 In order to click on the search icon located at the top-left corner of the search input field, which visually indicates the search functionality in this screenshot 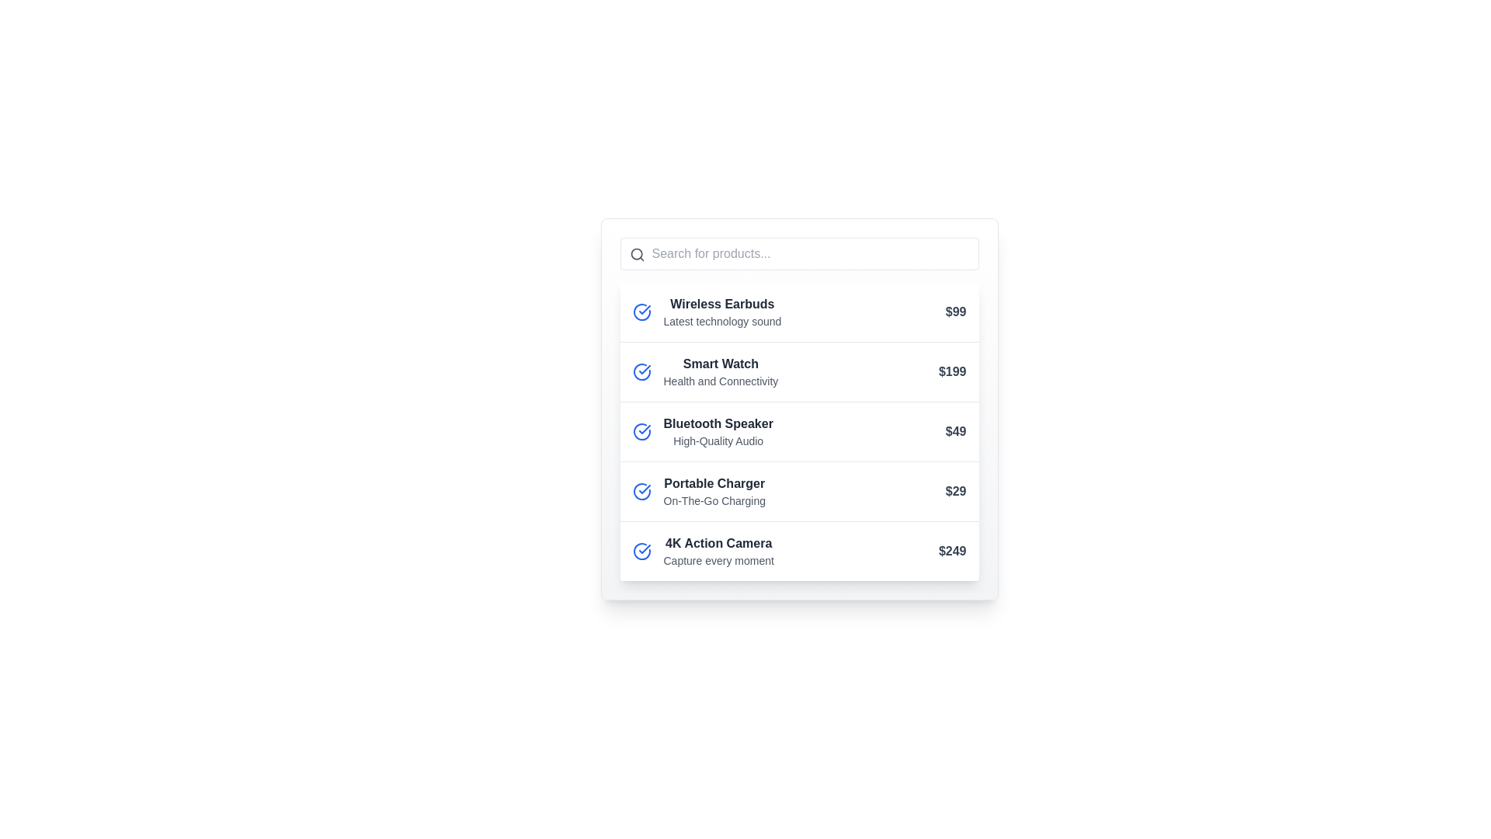, I will do `click(637, 253)`.